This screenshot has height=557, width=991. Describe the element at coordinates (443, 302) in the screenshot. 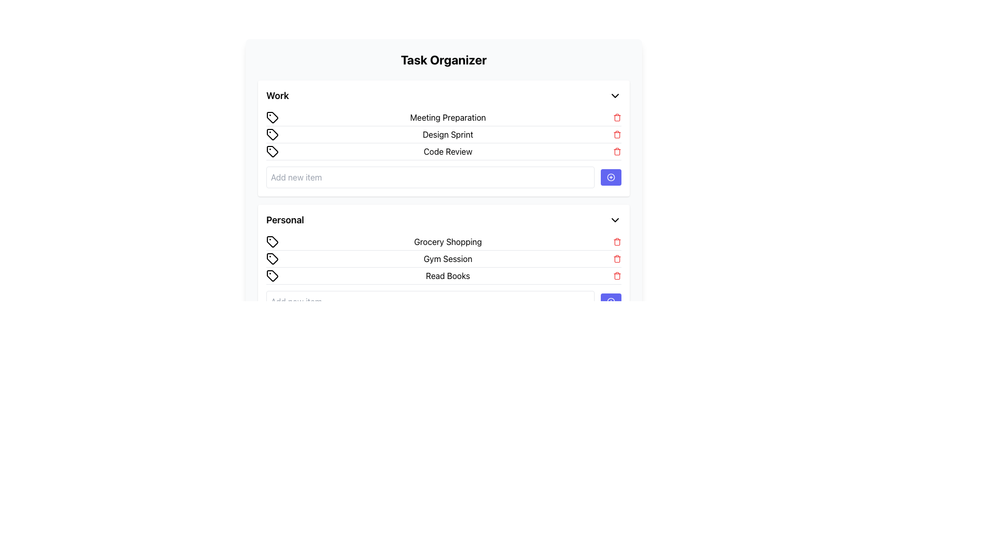

I see `and drop the task input field in the bottom-right corner of the 'Personal' section` at that location.